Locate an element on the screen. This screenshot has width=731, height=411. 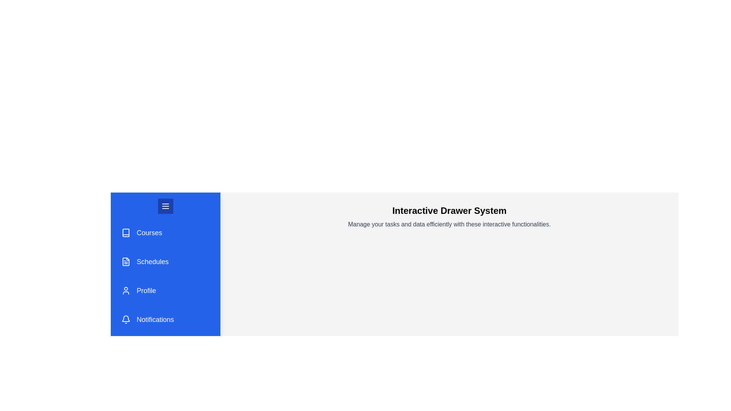
the 'Courses' menu item in the drawer is located at coordinates (165, 233).